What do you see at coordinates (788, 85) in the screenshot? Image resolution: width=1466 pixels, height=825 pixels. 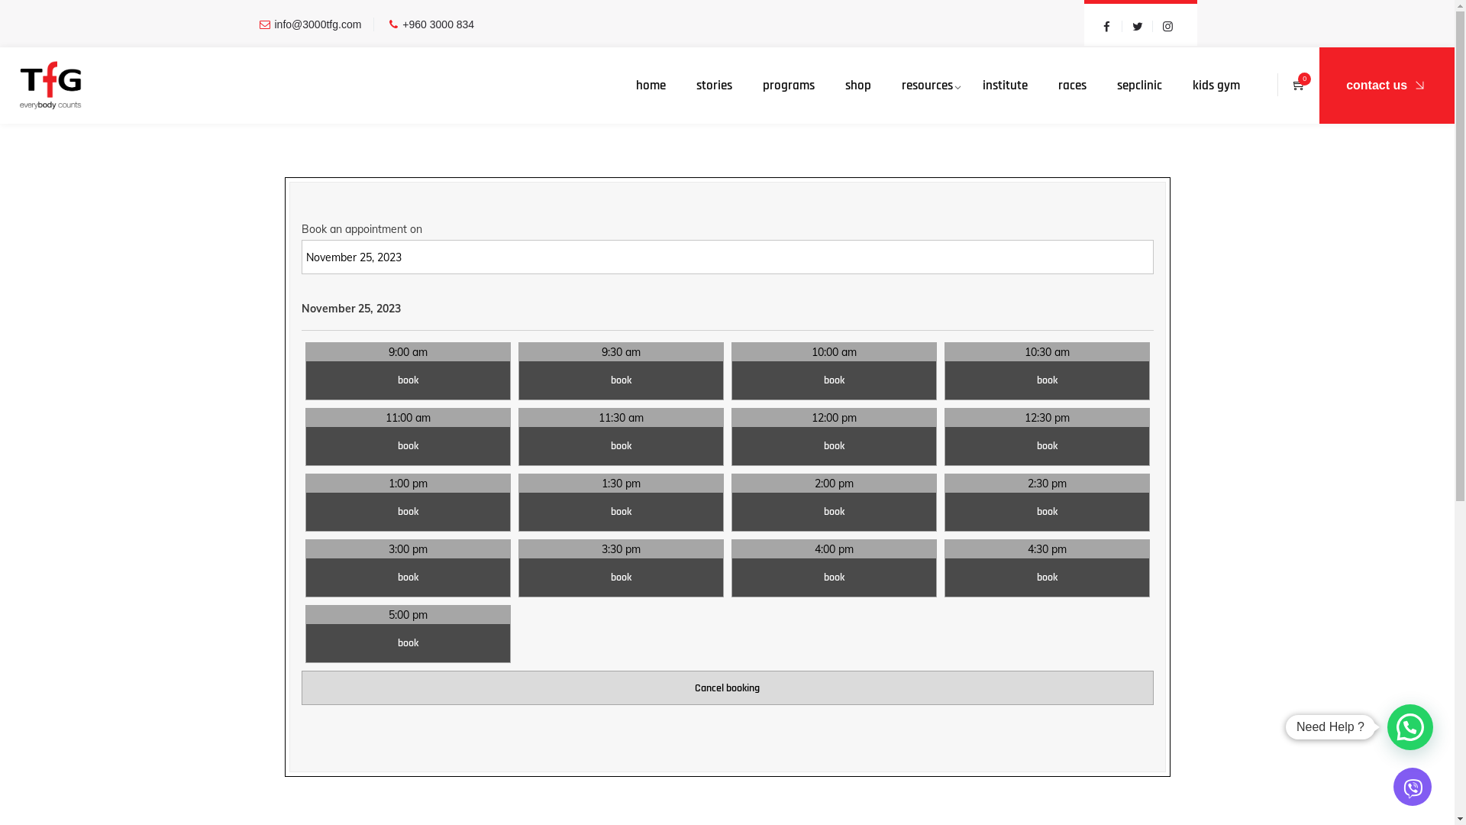 I see `'programs'` at bounding box center [788, 85].